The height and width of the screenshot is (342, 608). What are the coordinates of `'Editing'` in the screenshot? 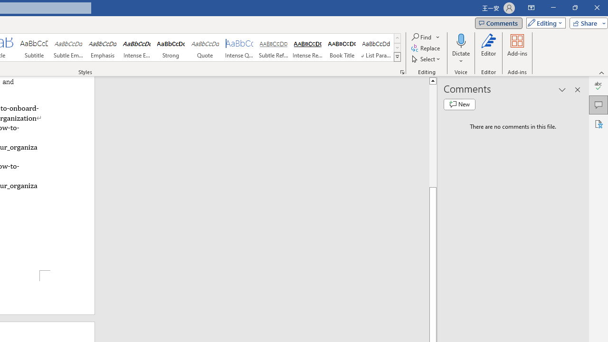 It's located at (543, 22).